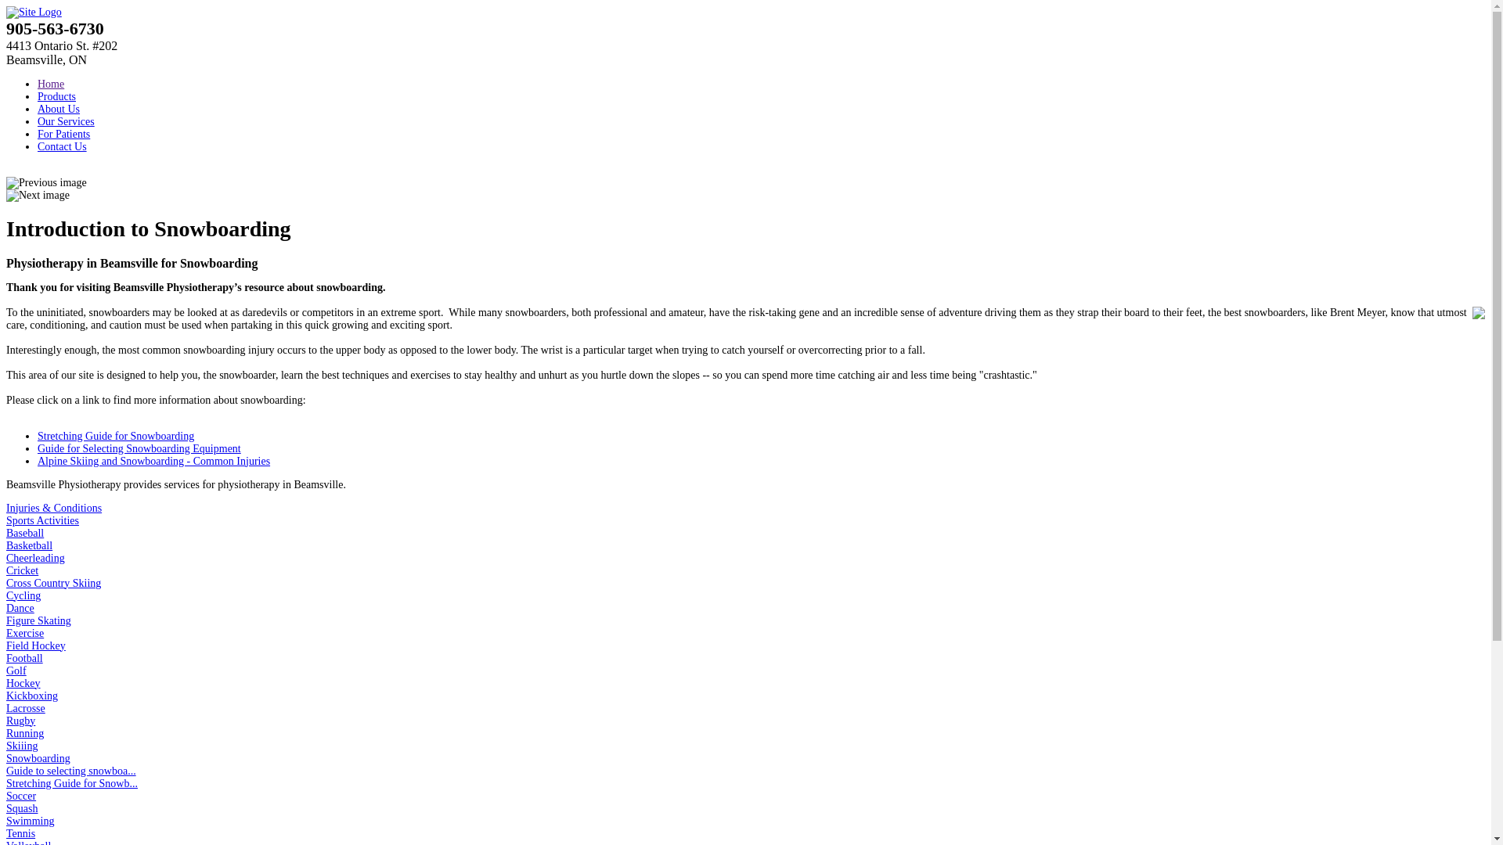  Describe the element at coordinates (36, 645) in the screenshot. I see `'Field Hockey'` at that location.